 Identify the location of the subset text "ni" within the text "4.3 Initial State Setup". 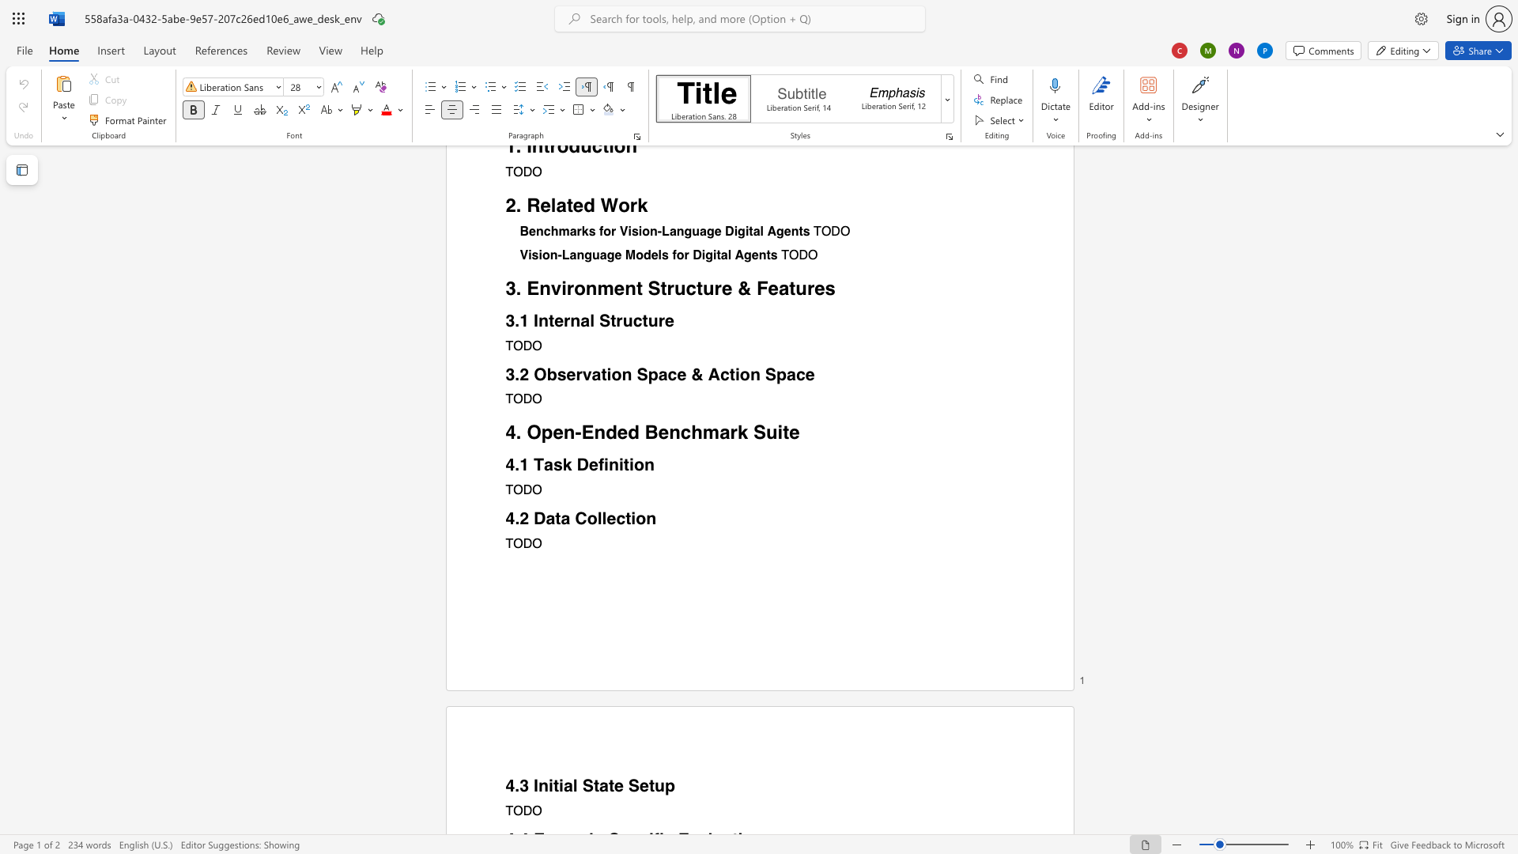
(538, 786).